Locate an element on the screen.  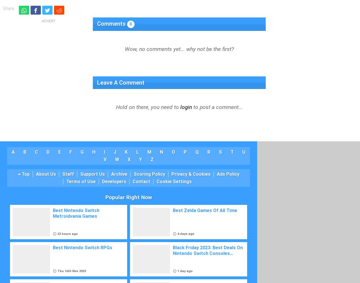
'Thu 16th Nov 2023' is located at coordinates (71, 271).